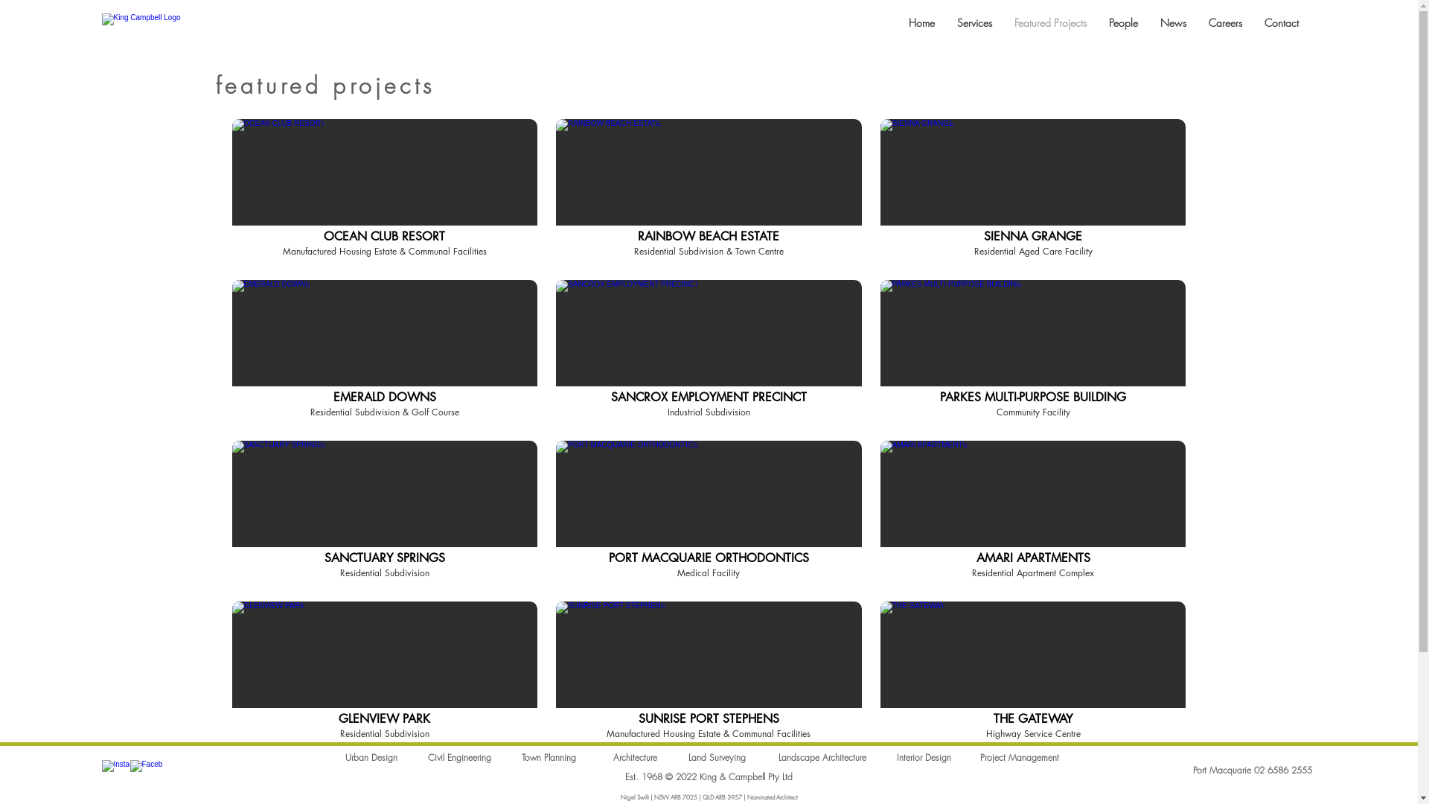  I want to click on 'Landscape Architecture', so click(821, 757).